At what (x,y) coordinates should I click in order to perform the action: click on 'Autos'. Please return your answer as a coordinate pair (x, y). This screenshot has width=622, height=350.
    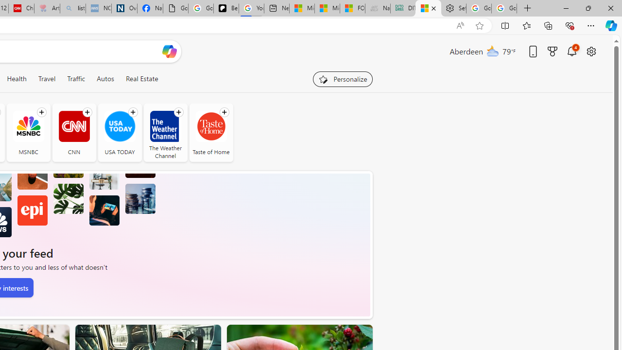
    Looking at the image, I should click on (105, 78).